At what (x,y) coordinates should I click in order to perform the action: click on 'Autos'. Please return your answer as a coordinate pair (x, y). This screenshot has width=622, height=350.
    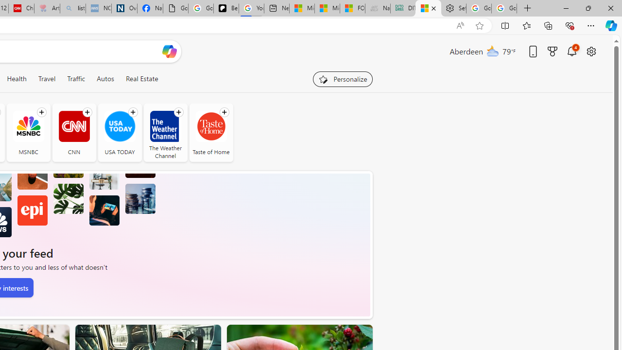
    Looking at the image, I should click on (105, 78).